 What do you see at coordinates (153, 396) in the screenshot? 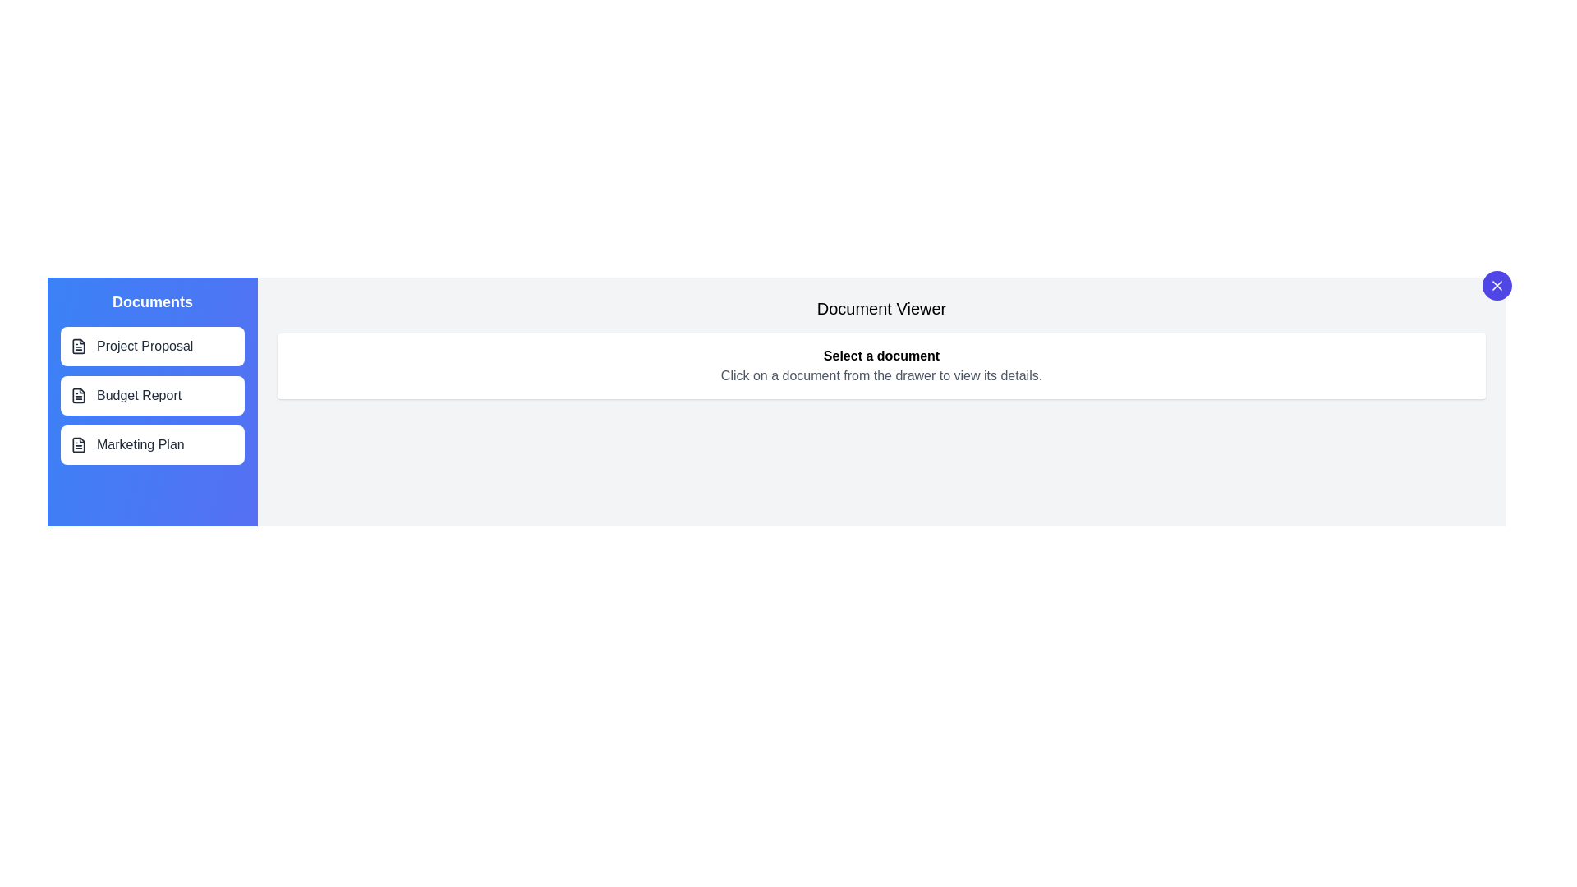
I see `the document title Budget Report to highlight it` at bounding box center [153, 396].